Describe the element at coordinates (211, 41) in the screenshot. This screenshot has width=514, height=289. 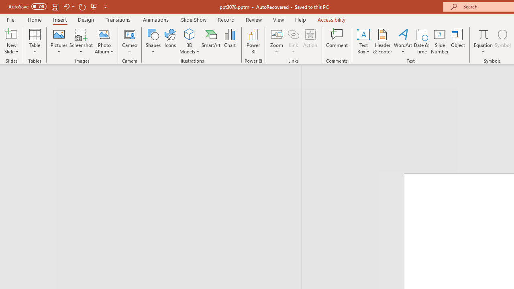
I see `'SmartArt...'` at that location.